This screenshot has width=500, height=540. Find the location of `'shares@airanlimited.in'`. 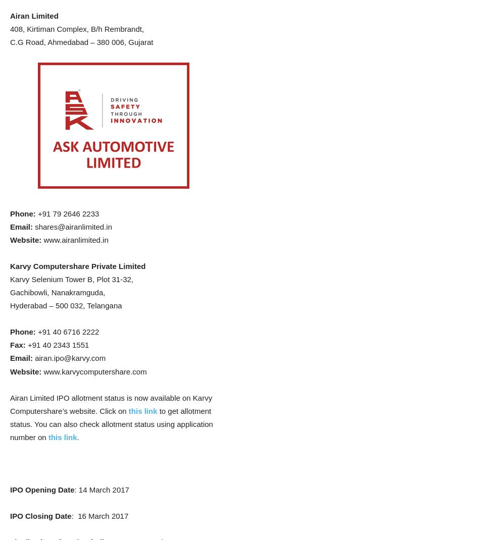

'shares@airanlimited.in' is located at coordinates (73, 226).